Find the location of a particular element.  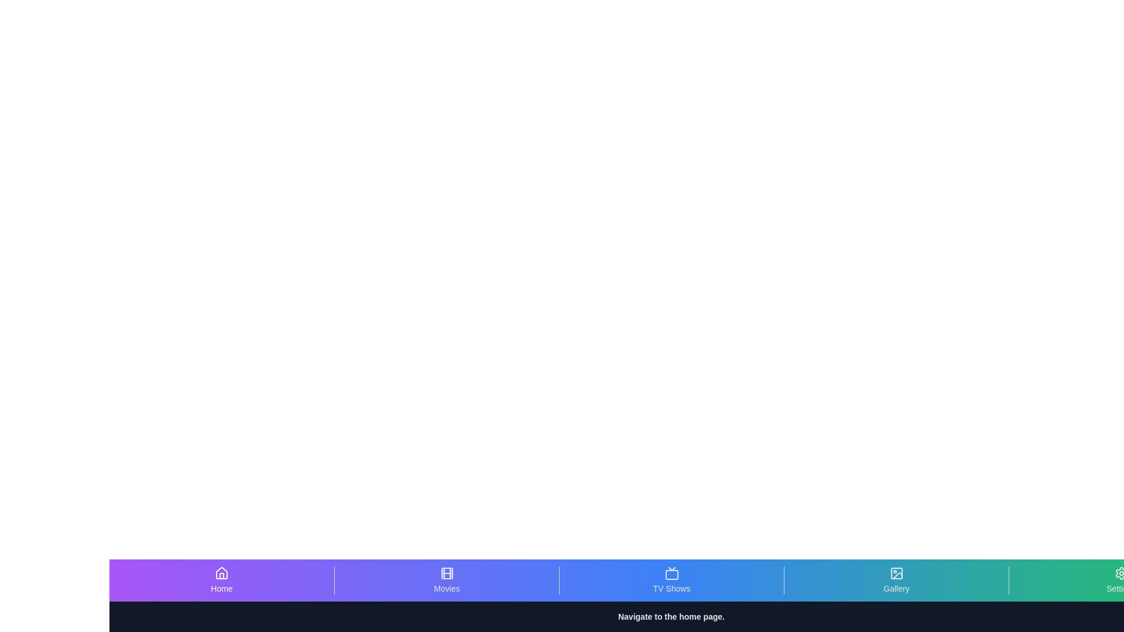

the TV Shows tab to view its hover effects is located at coordinates (671, 580).